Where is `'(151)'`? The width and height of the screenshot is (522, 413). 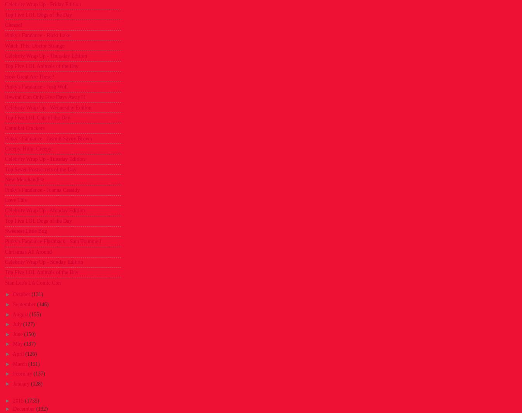
'(151)' is located at coordinates (33, 364).